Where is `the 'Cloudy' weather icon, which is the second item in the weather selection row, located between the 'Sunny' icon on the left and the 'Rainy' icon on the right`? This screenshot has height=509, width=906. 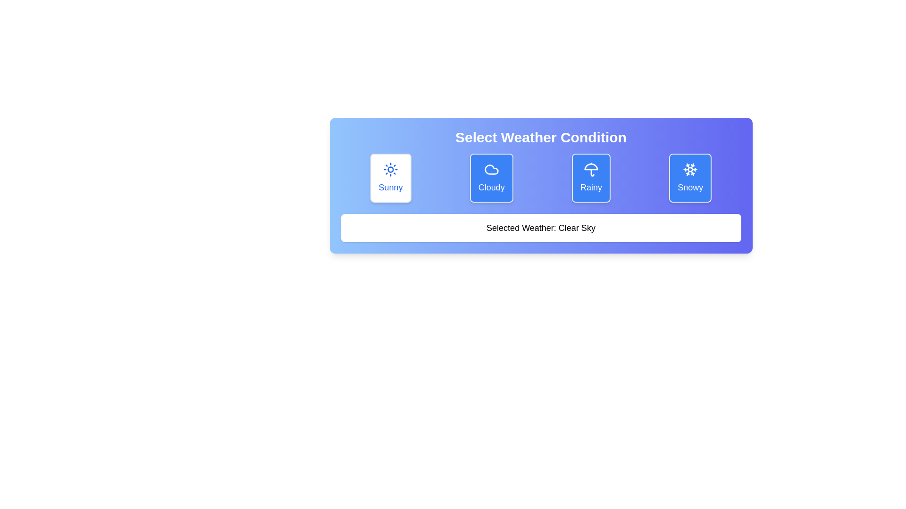
the 'Cloudy' weather icon, which is the second item in the weather selection row, located between the 'Sunny' icon on the left and the 'Rainy' icon on the right is located at coordinates (491, 169).